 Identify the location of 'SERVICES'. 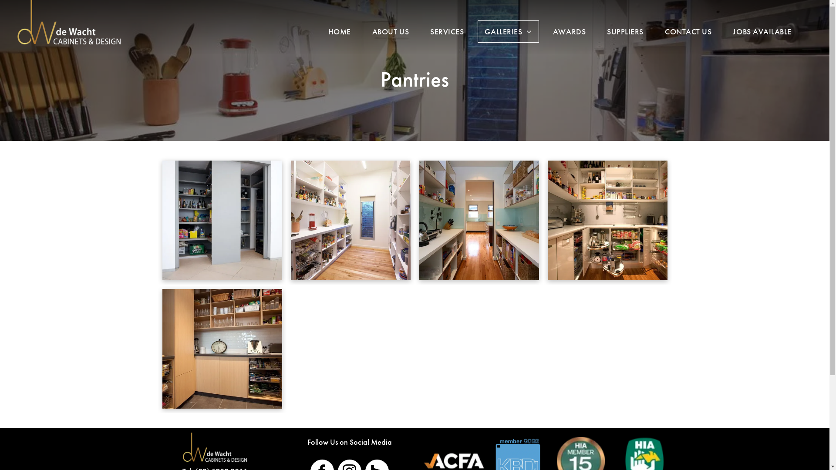
(447, 31).